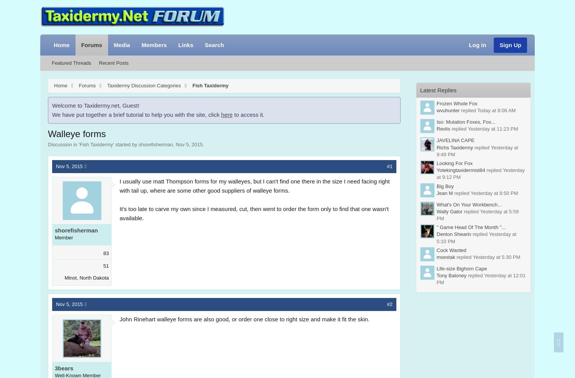 This screenshot has height=378, width=575. What do you see at coordinates (389, 165) in the screenshot?
I see `'#1'` at bounding box center [389, 165].